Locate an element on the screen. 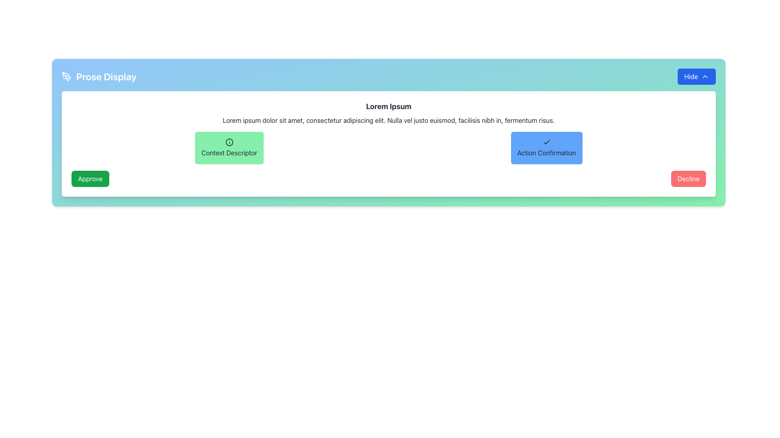 Image resolution: width=780 pixels, height=438 pixels. the Circle vector graphic component that is part of the 'Context Descriptor' green button, located below the 'Lorem Ipsum' heading is located at coordinates (229, 142).